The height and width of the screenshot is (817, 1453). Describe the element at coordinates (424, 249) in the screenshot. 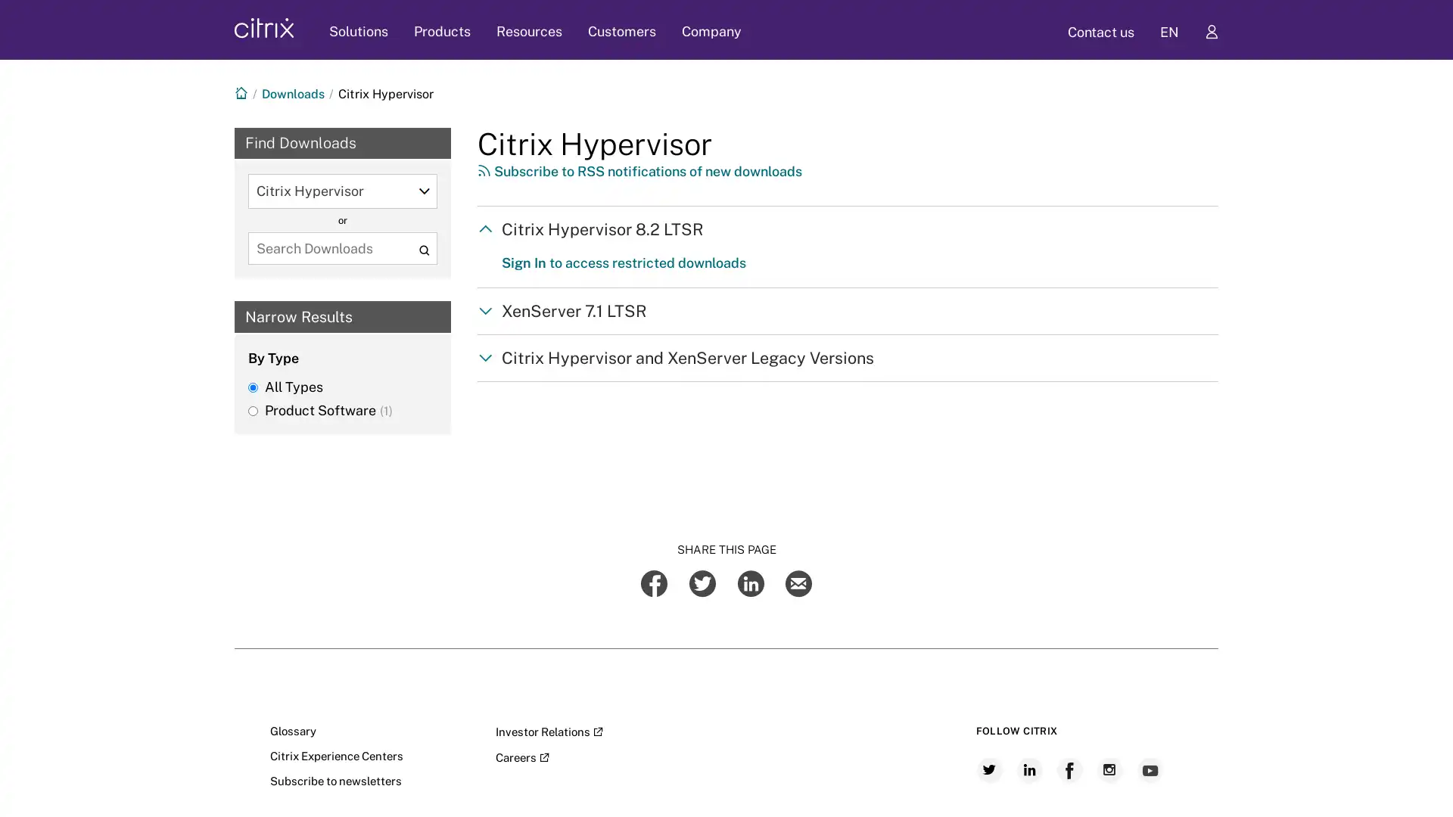

I see `Search` at that location.